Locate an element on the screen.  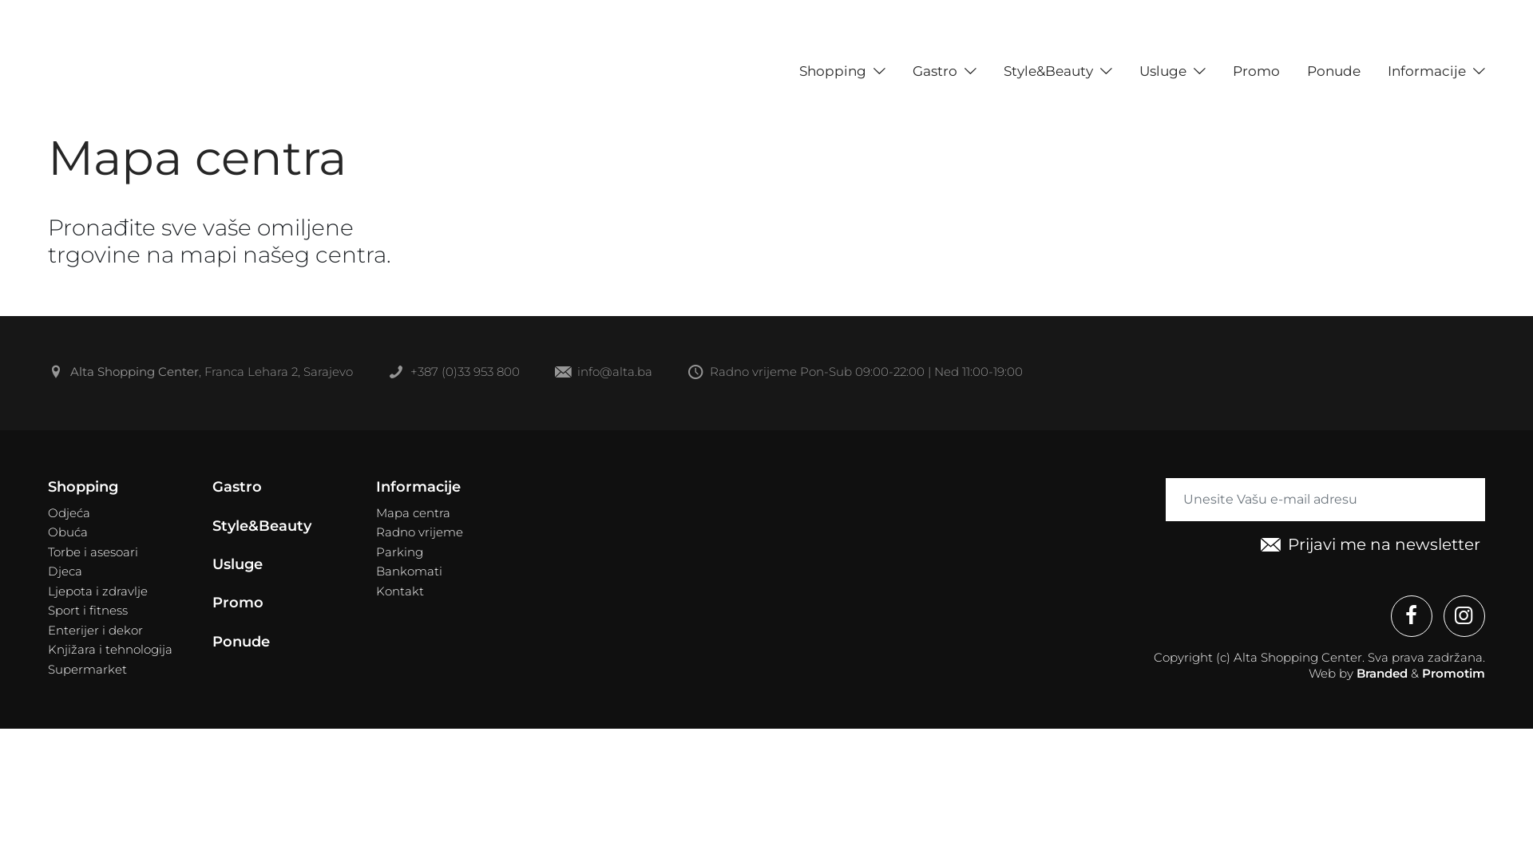
'Prijavi me na newsletter' is located at coordinates (1369, 544).